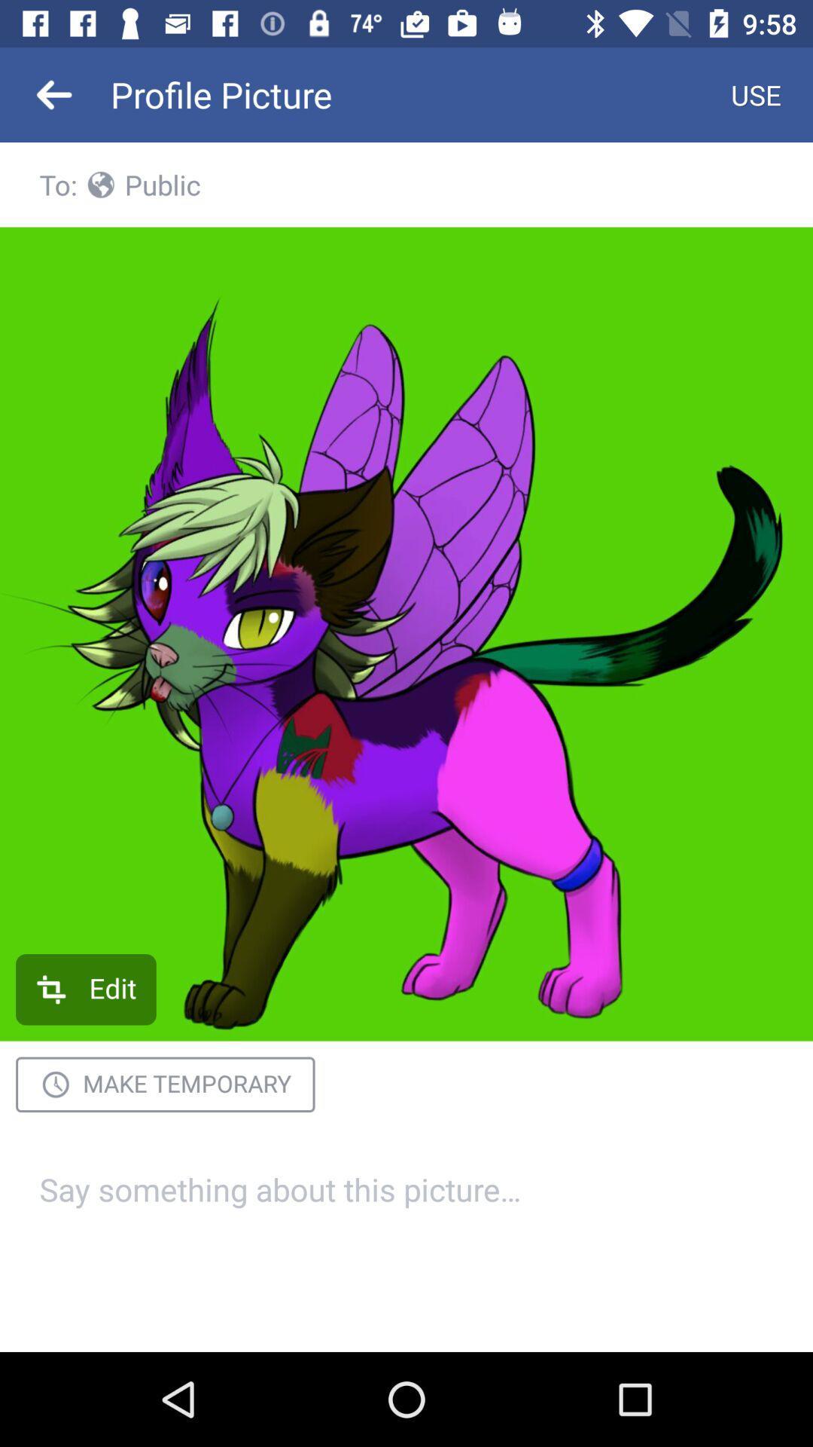  Describe the element at coordinates (756, 93) in the screenshot. I see `use` at that location.